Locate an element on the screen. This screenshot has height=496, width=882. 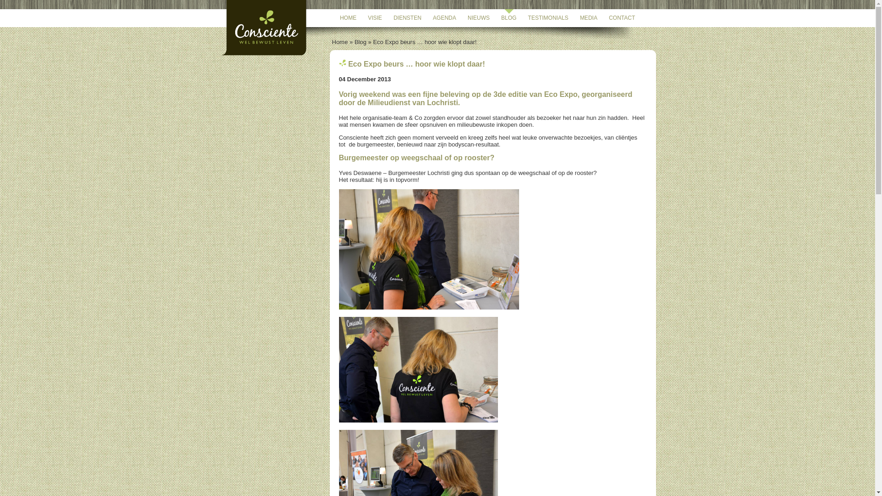
'Home' is located at coordinates (339, 42).